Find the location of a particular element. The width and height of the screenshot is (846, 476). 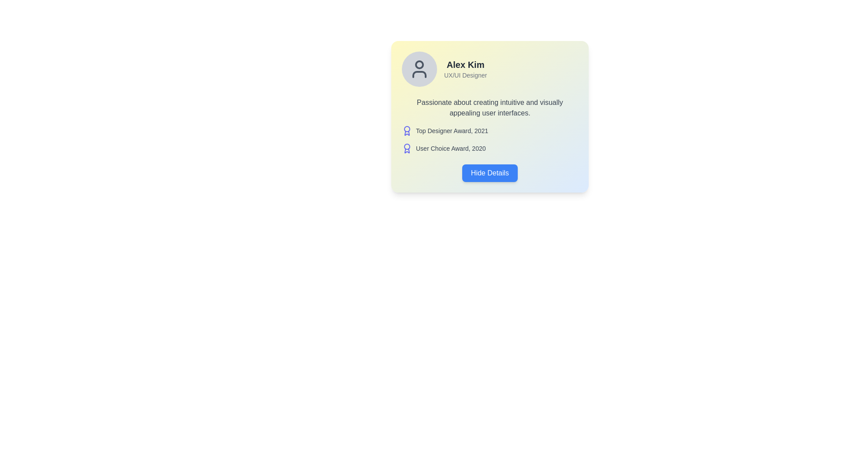

the award icon styled as a medal, which is indigo and located next to the 'User Choice Award, 2020' text is located at coordinates (407, 148).